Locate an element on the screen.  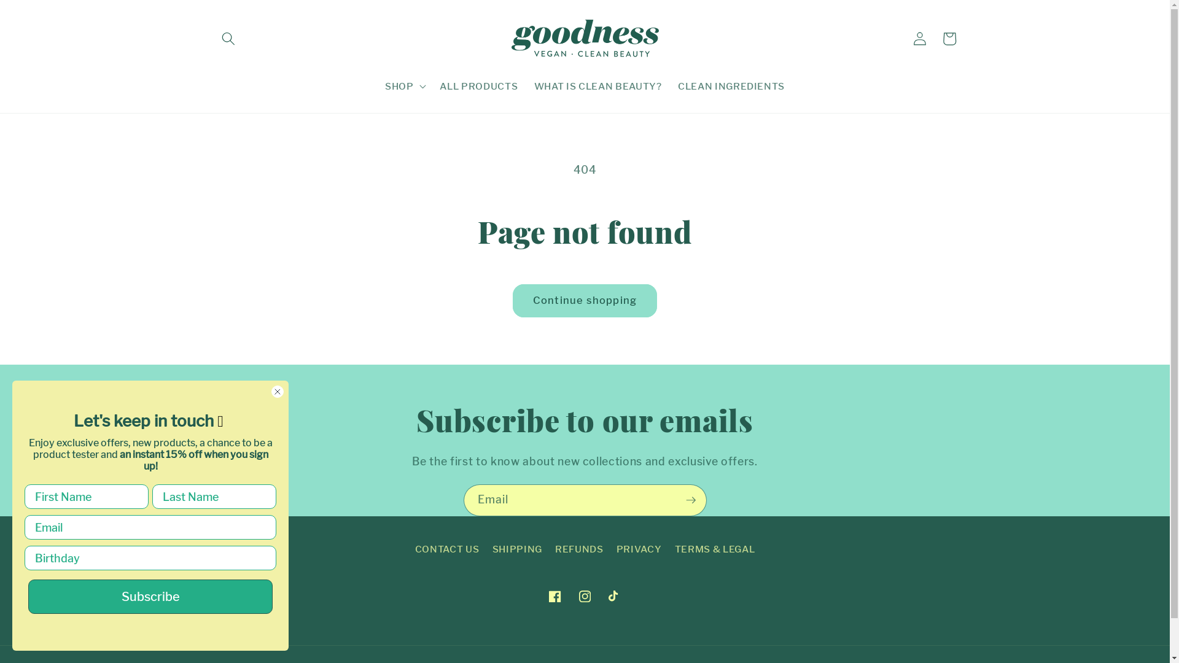
'ALL PRODUCTS' is located at coordinates (478, 86).